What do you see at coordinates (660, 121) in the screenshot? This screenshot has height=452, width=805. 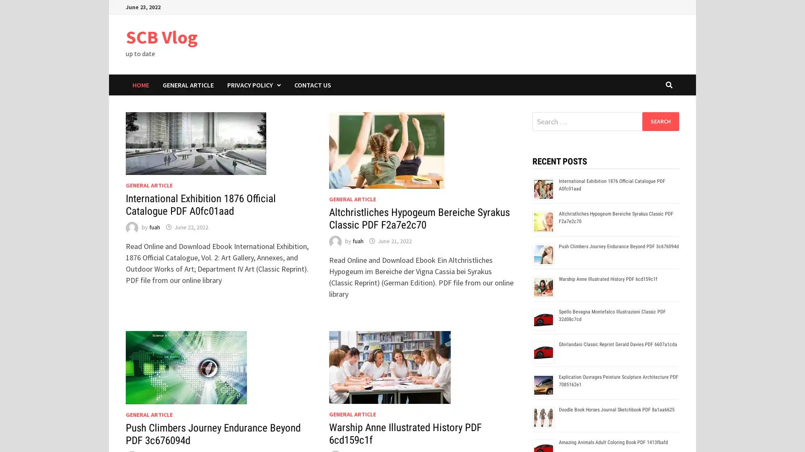 I see `Search` at bounding box center [660, 121].